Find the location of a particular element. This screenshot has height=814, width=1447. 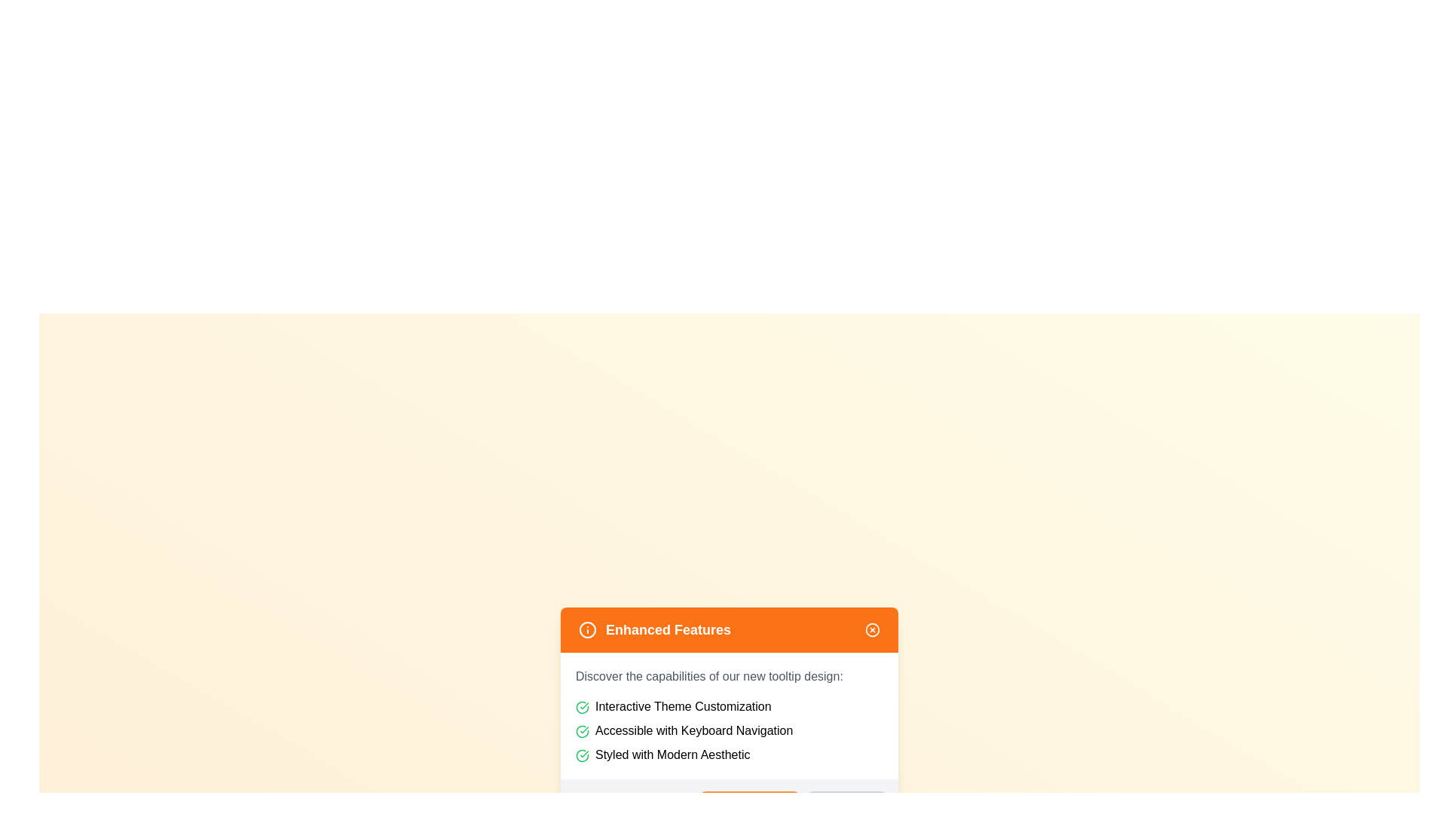

the circular icon located in the top-left corner of the orange header bar labeled 'Enhanced Features', which serves a decorative or symbolic function within the SVG graphic is located at coordinates (586, 630).